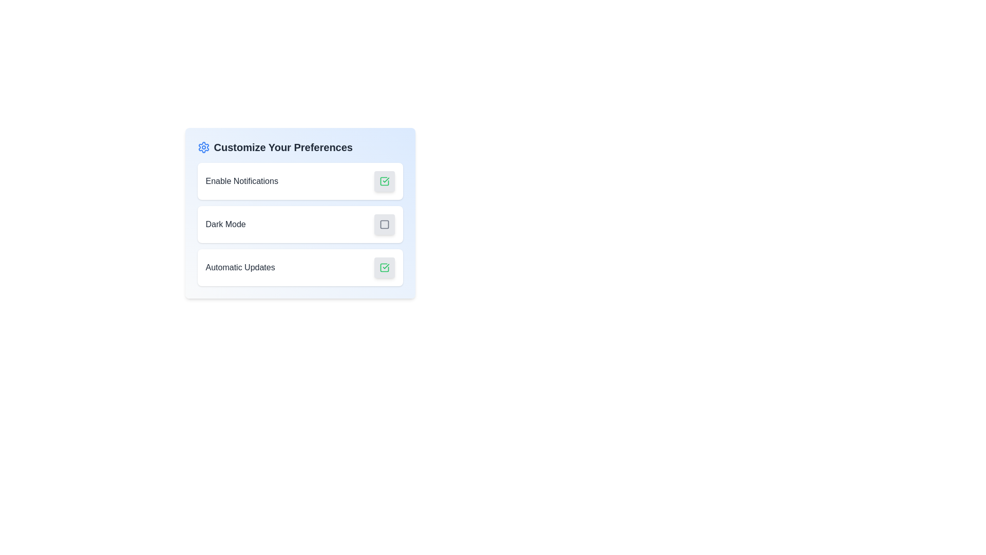 Image resolution: width=986 pixels, height=555 pixels. I want to click on the toggle button on the 'Dark Mode' card, which is the second card in the vertical list of cards, to change the setting, so click(299, 224).